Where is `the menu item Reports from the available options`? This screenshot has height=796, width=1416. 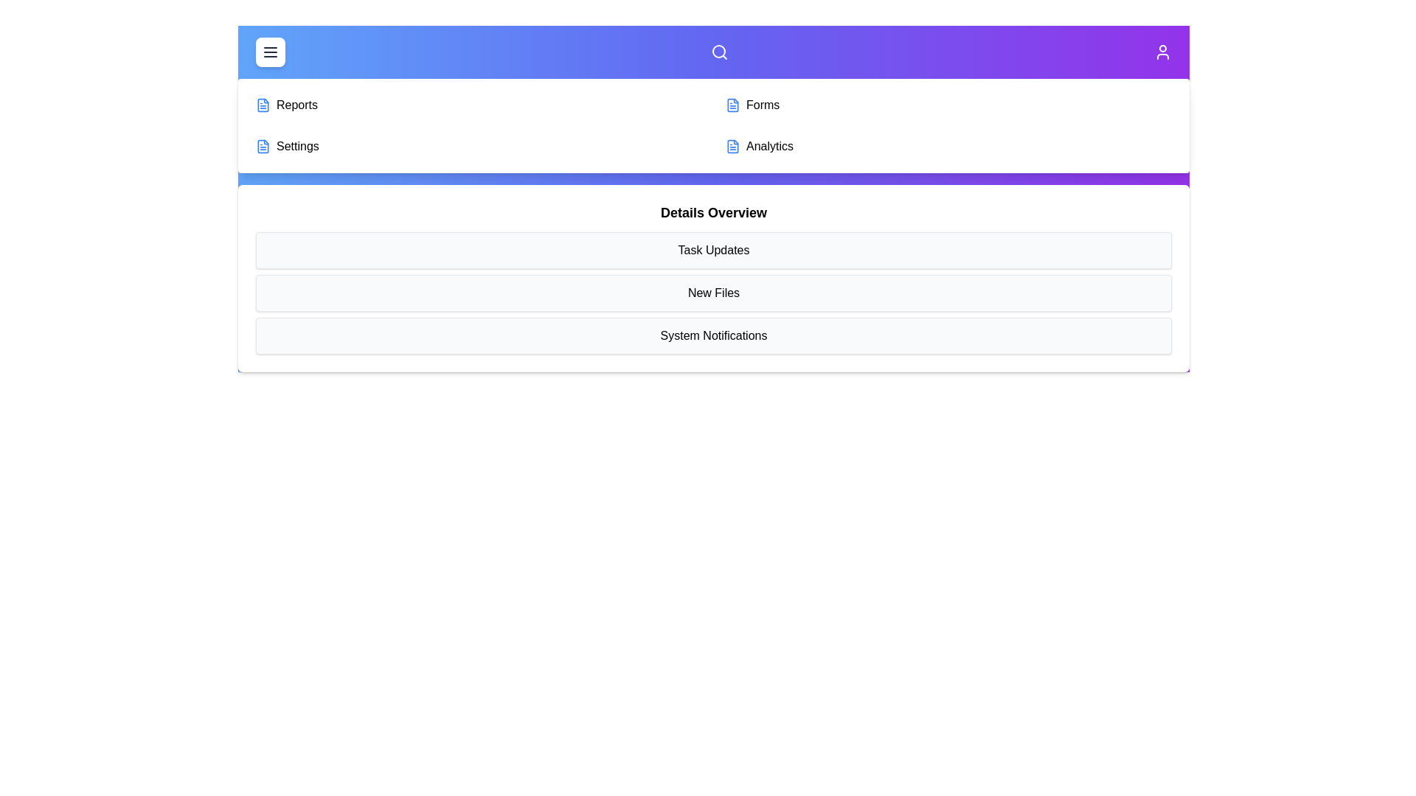 the menu item Reports from the available options is located at coordinates (479, 104).